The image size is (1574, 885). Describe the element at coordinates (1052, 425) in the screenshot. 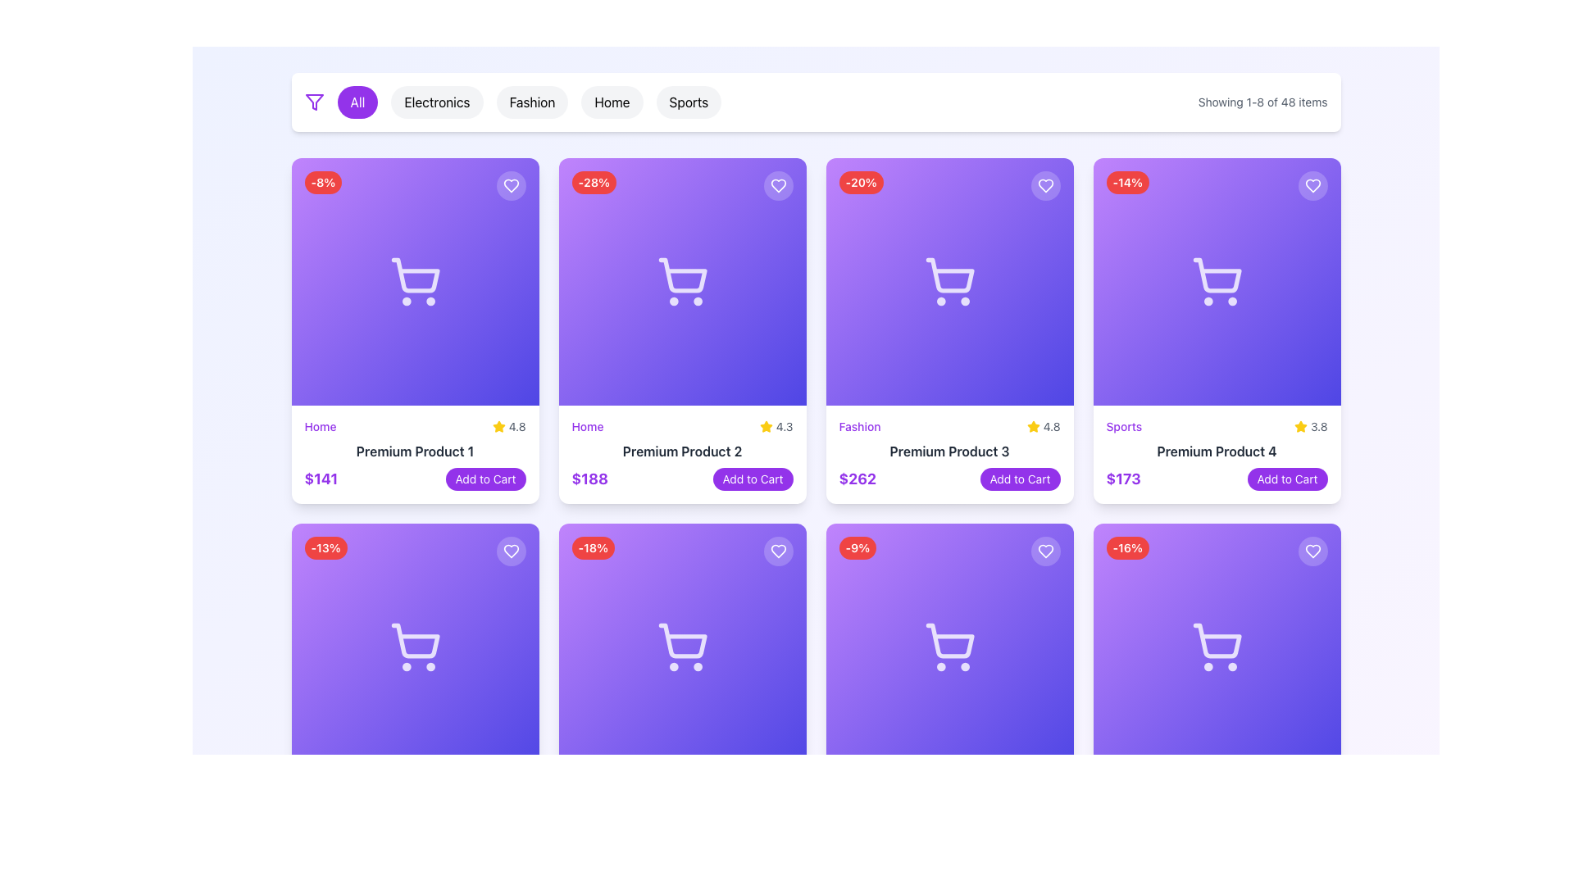

I see `the rating value displayed in the text label located to the right of the star icon within the card titled 'Premium Product 3'` at that location.